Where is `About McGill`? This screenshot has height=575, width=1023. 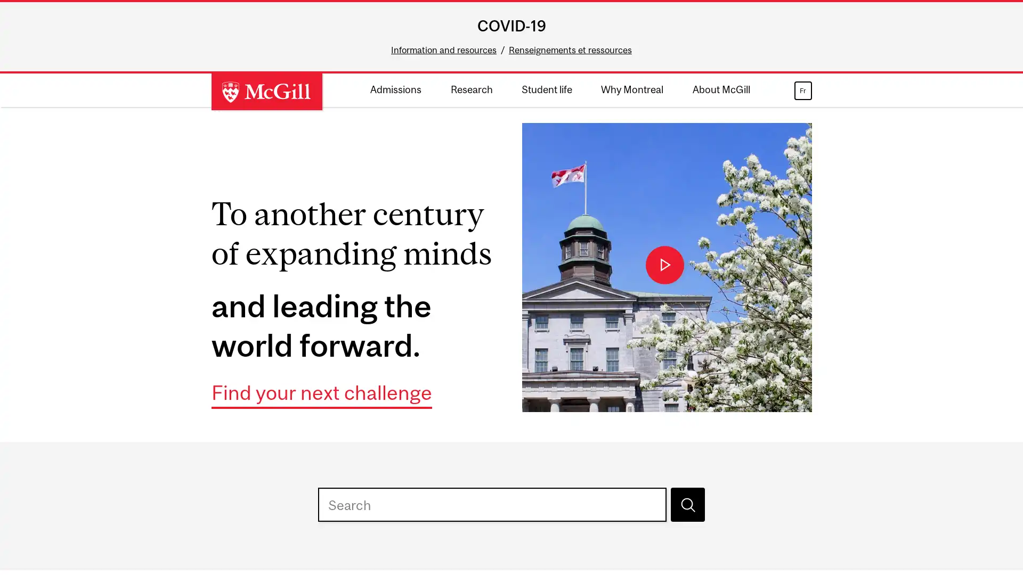
About McGill is located at coordinates (721, 89).